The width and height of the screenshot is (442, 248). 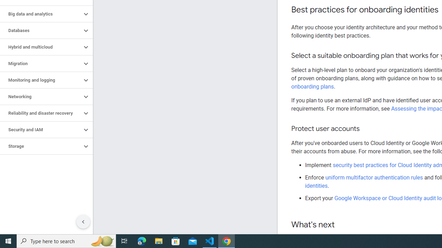 I want to click on 'uniform multifactor authentication rules ', so click(x=374, y=177).